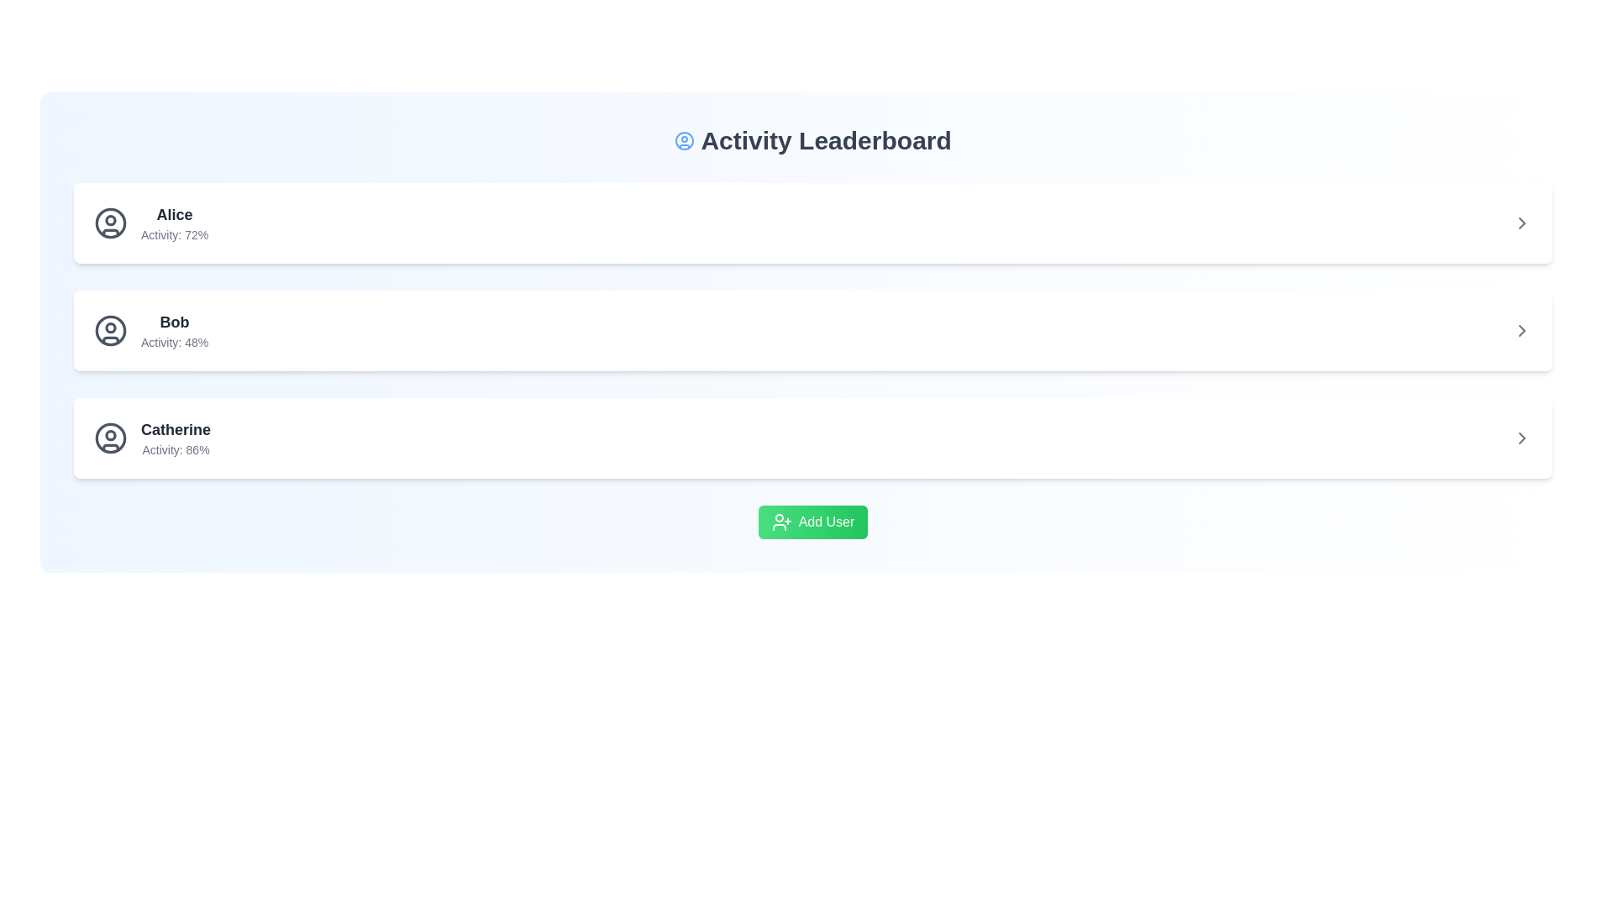 This screenshot has height=907, width=1613. Describe the element at coordinates (176, 449) in the screenshot. I see `activity level percentage text displayed below 'Catherine' in the third user activity card` at that location.